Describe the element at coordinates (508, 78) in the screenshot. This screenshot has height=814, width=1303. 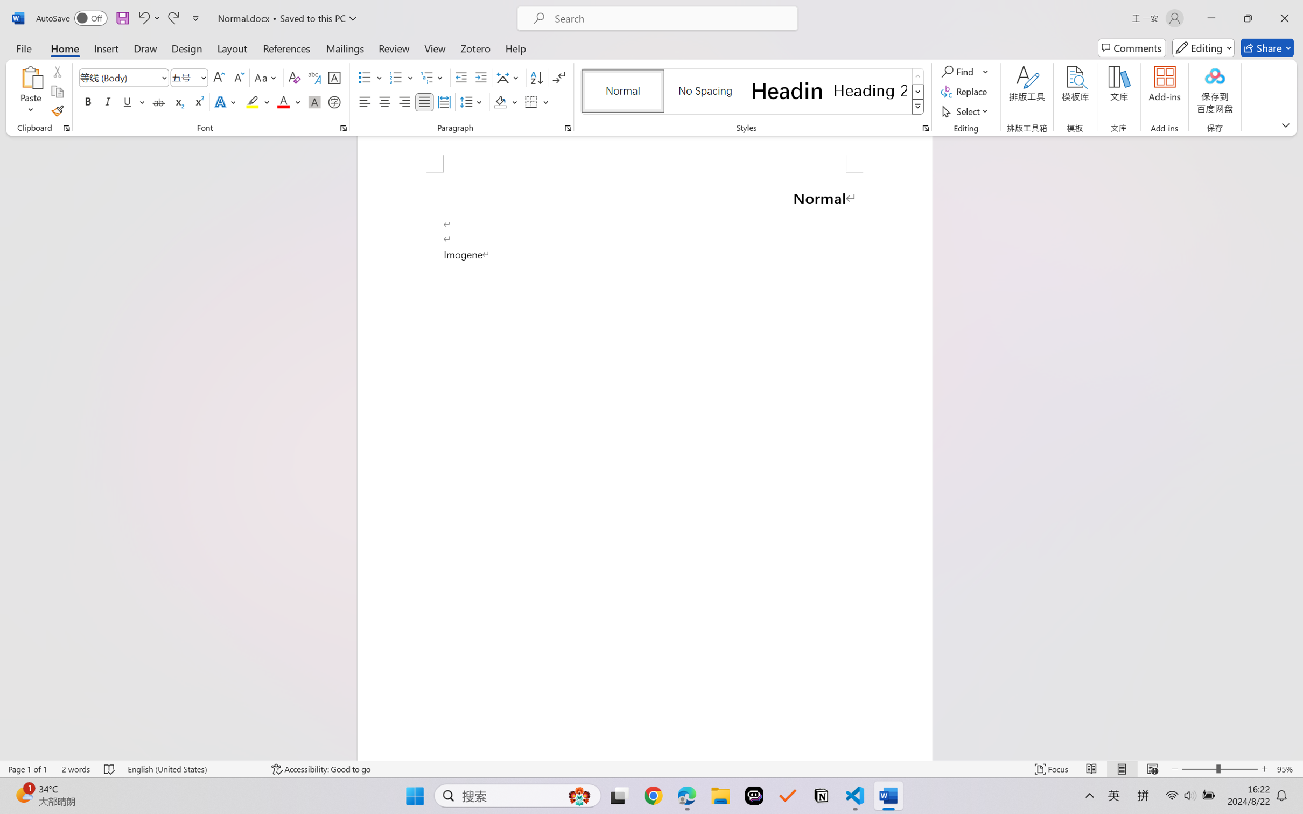
I see `'Asian Layout'` at that location.